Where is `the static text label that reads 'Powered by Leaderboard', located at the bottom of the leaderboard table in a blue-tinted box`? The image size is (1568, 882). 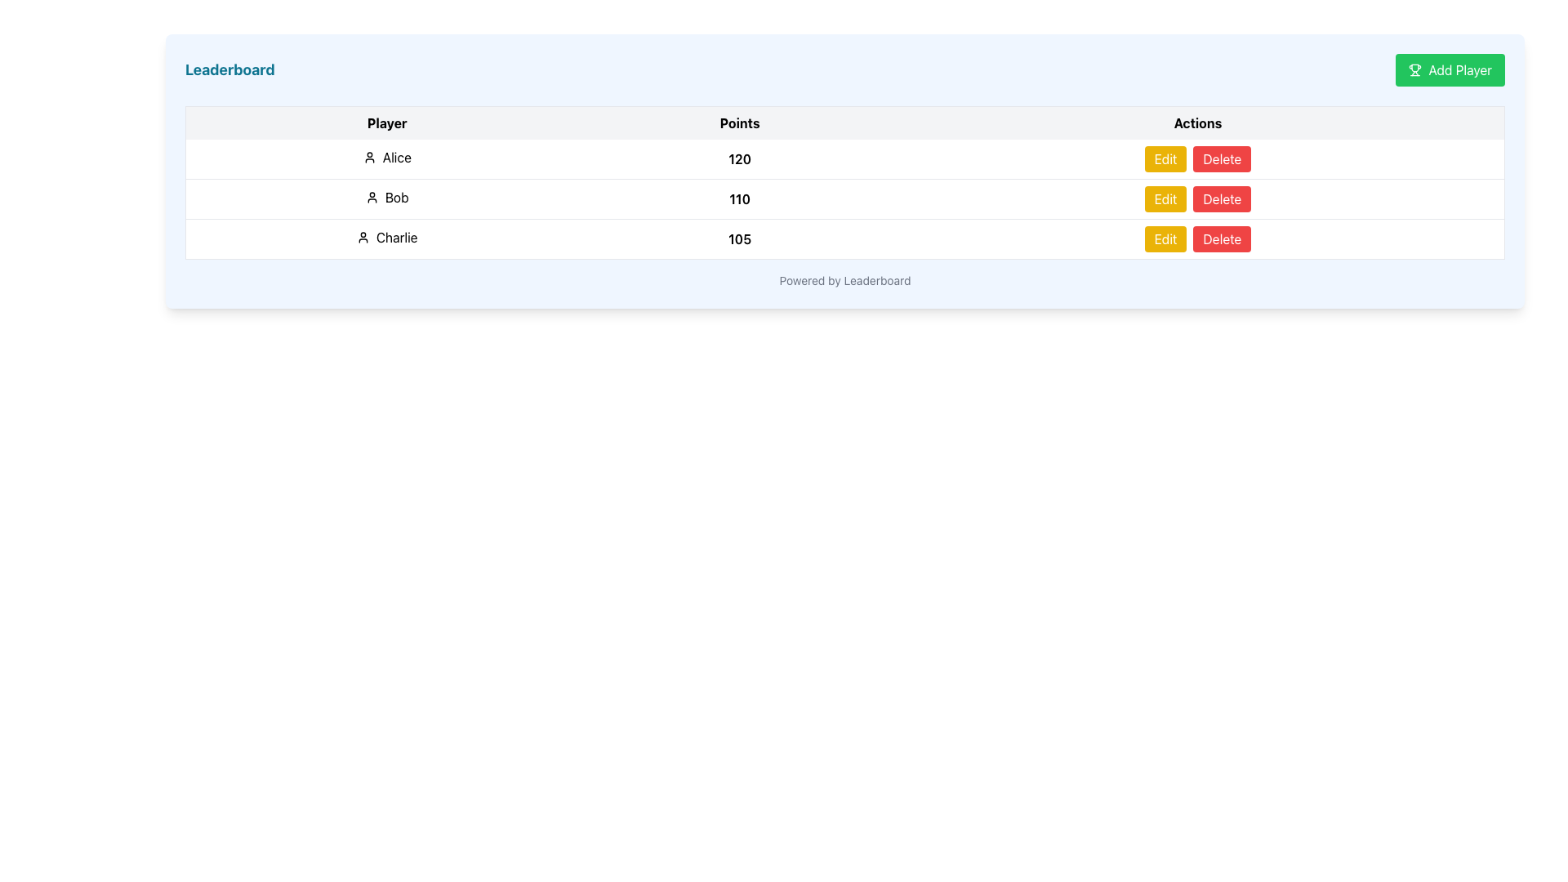 the static text label that reads 'Powered by Leaderboard', located at the bottom of the leaderboard table in a blue-tinted box is located at coordinates (845, 279).